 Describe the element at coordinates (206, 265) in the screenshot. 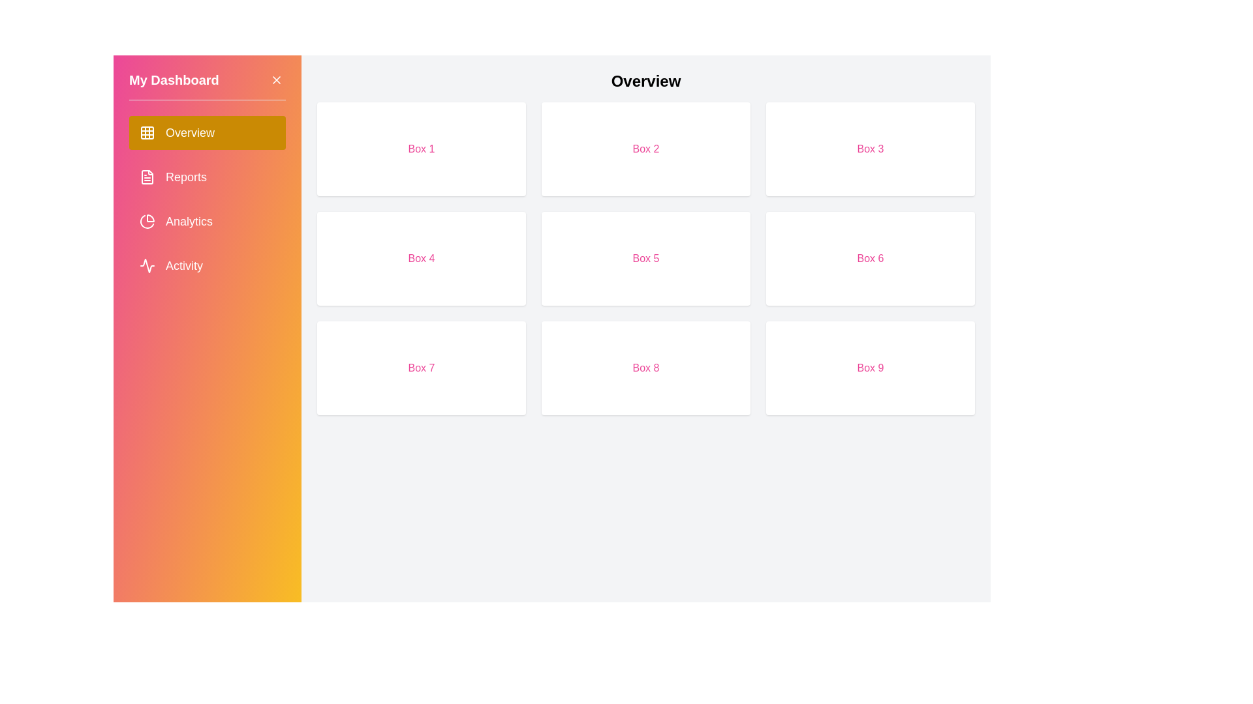

I see `the sidebar option corresponding to Activity to navigate to that section` at that location.